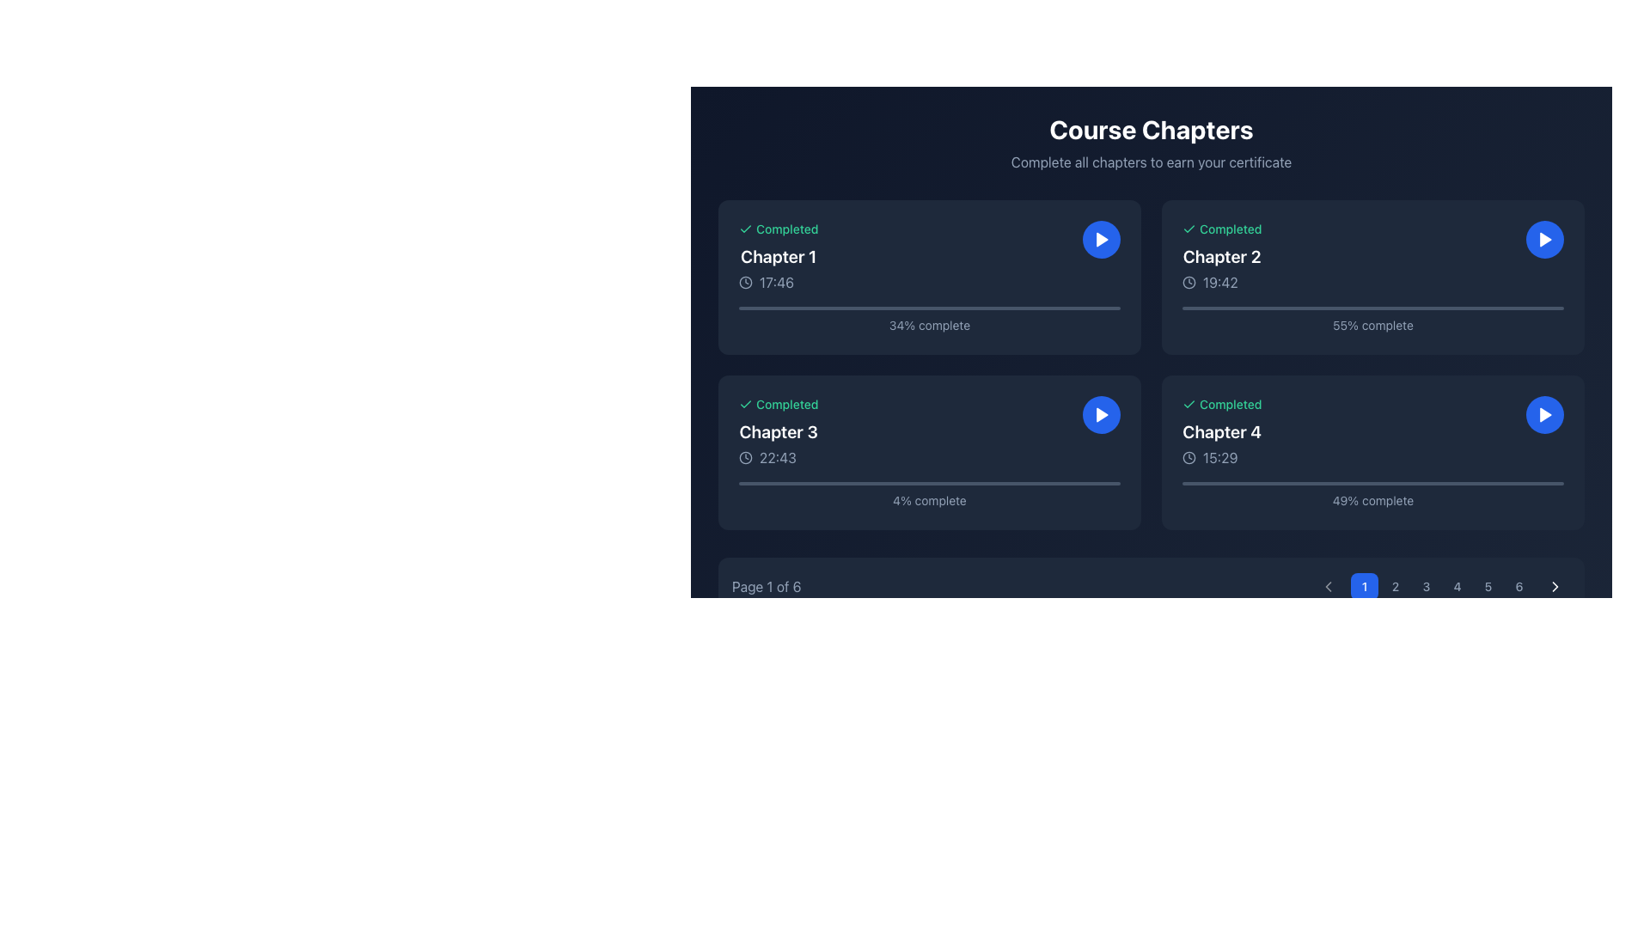 The image size is (1650, 928). Describe the element at coordinates (1188, 281) in the screenshot. I see `the small circular clock icon in the top-right quadrant of the interface, which has a minimalistic outline style and is part of the 'Chapter 2' card` at that location.